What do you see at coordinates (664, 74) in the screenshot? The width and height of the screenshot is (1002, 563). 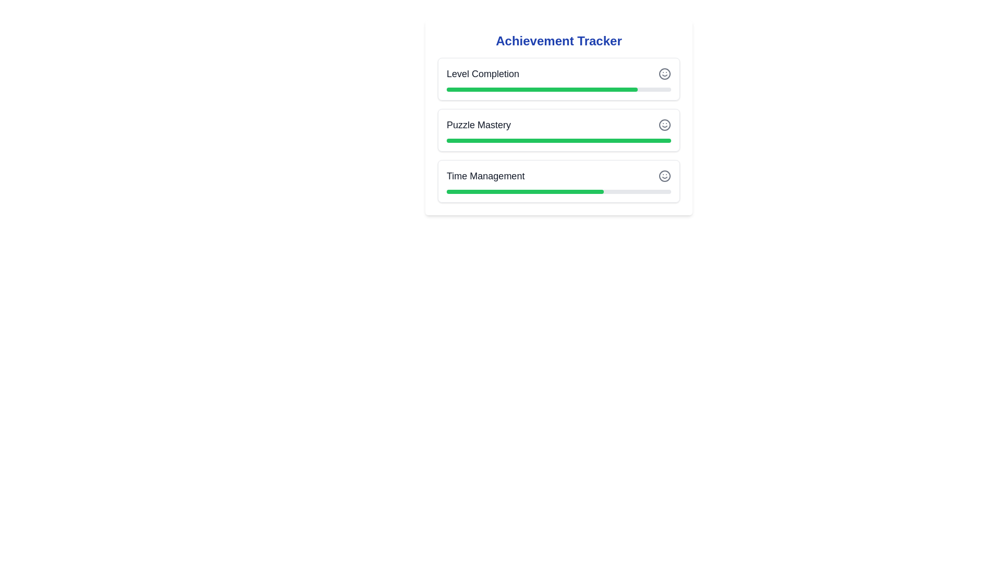 I see `the smiling face icon located at the far right of the 'Level Completion' row in the 'Achievement Tracker' UI, which is represented by a simple gray circular icon with two dots for eyes and a smile` at bounding box center [664, 74].